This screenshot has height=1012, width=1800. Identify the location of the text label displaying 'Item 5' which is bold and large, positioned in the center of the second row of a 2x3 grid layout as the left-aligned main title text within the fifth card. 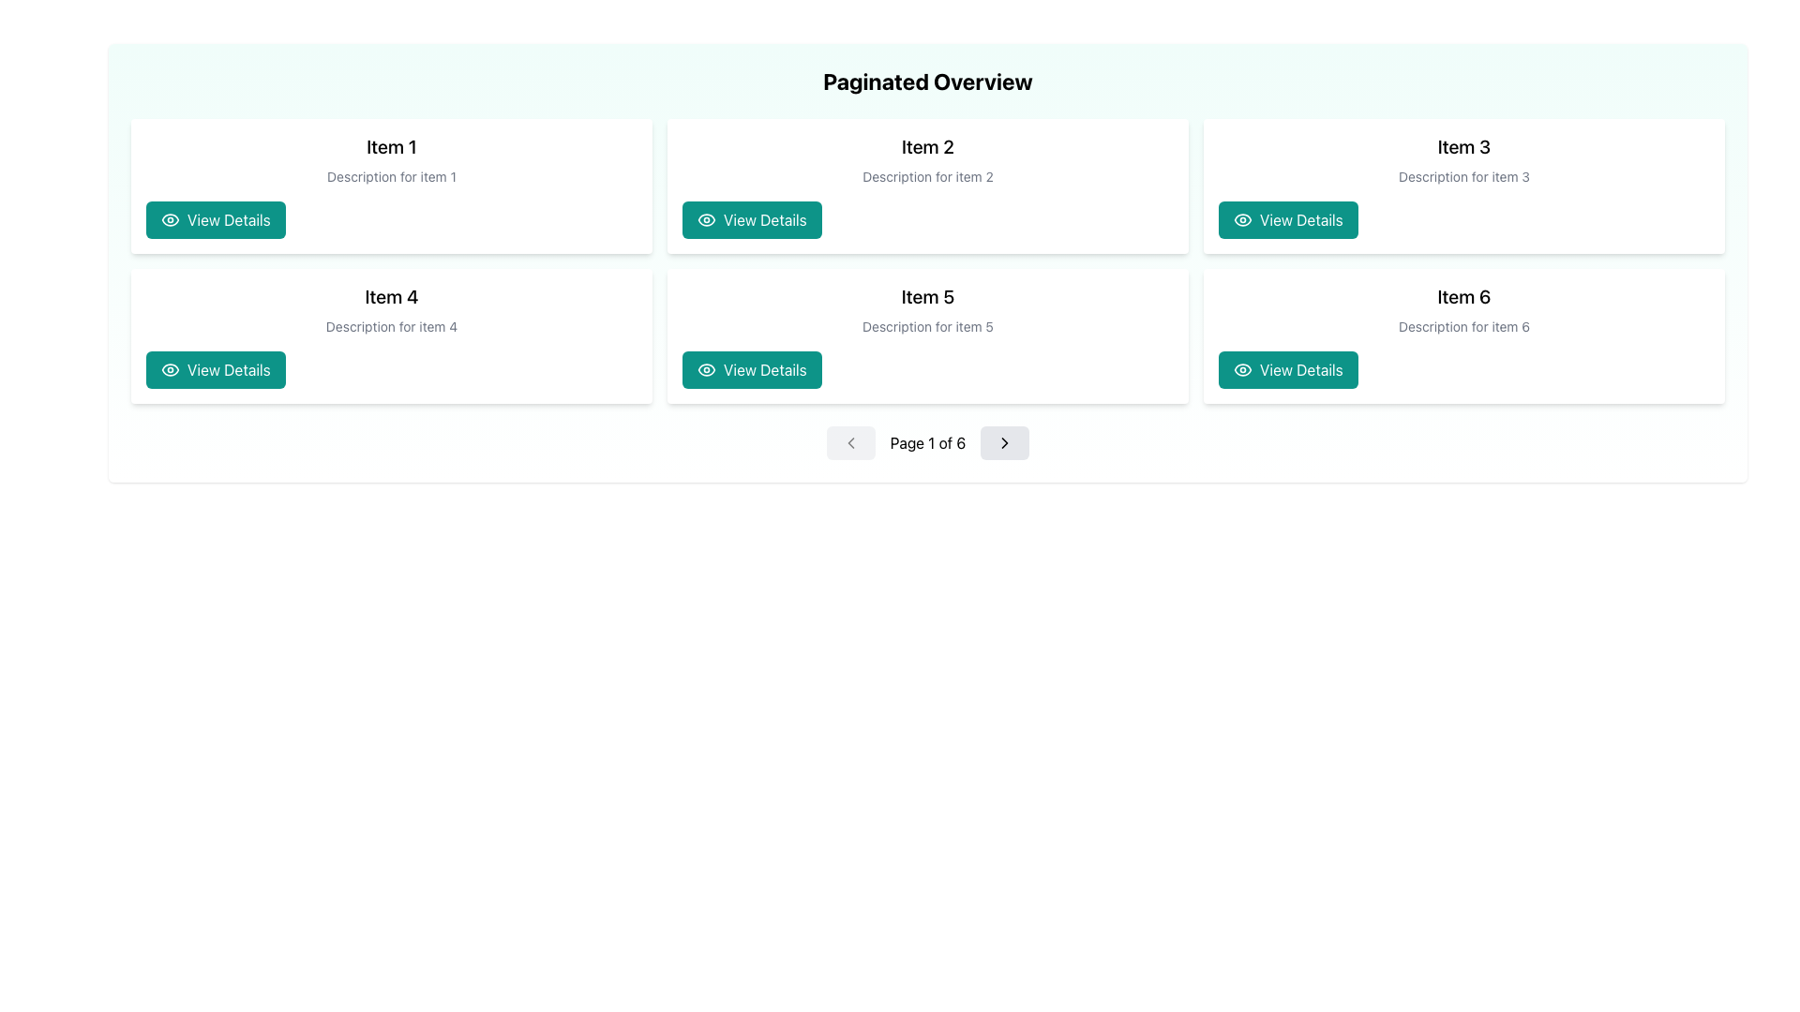
(927, 295).